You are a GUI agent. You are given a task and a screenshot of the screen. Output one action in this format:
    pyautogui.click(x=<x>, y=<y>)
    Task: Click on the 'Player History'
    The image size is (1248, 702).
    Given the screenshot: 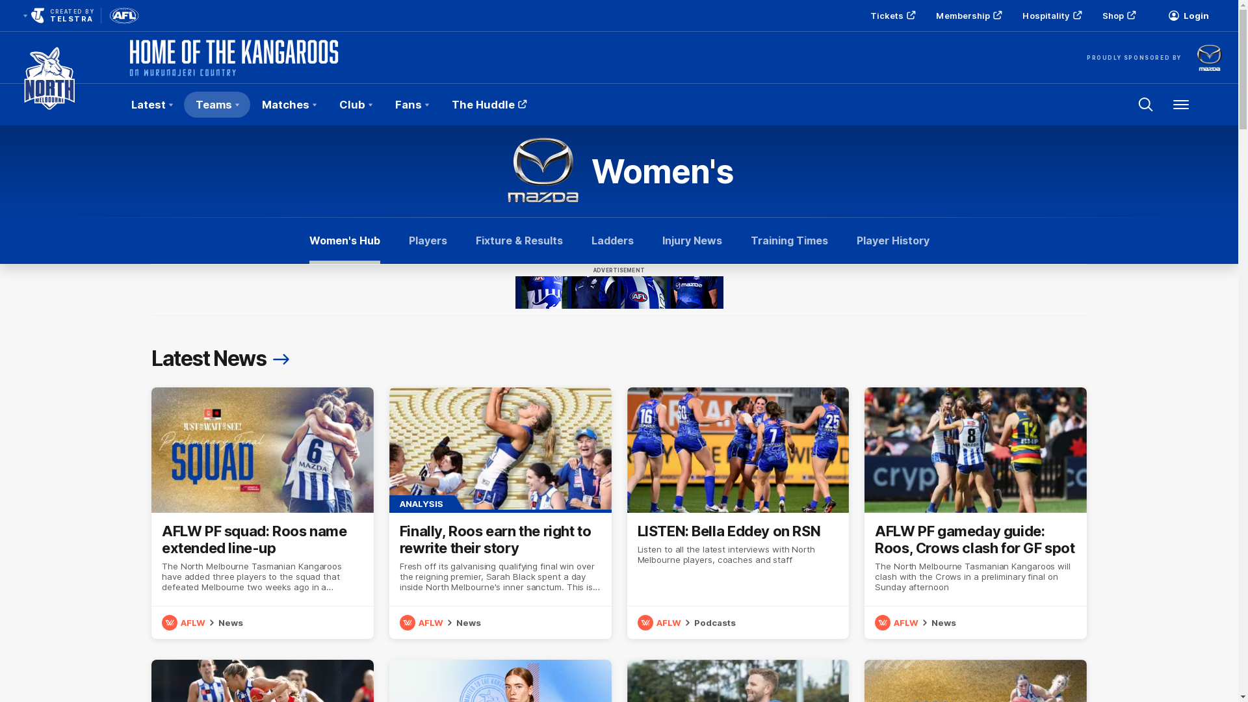 What is the action you would take?
    pyautogui.click(x=892, y=240)
    